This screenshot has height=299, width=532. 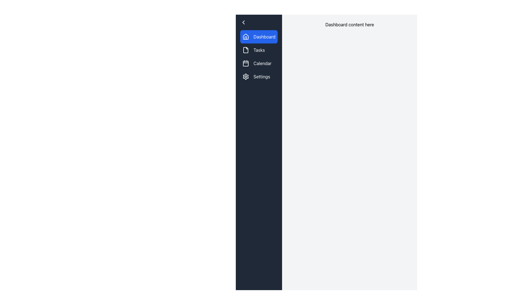 What do you see at coordinates (262, 77) in the screenshot?
I see `the 'Settings' label, which is styled in white text on a dark background and is positioned adjacent to a gear icon in the vertical navigation menu` at bounding box center [262, 77].